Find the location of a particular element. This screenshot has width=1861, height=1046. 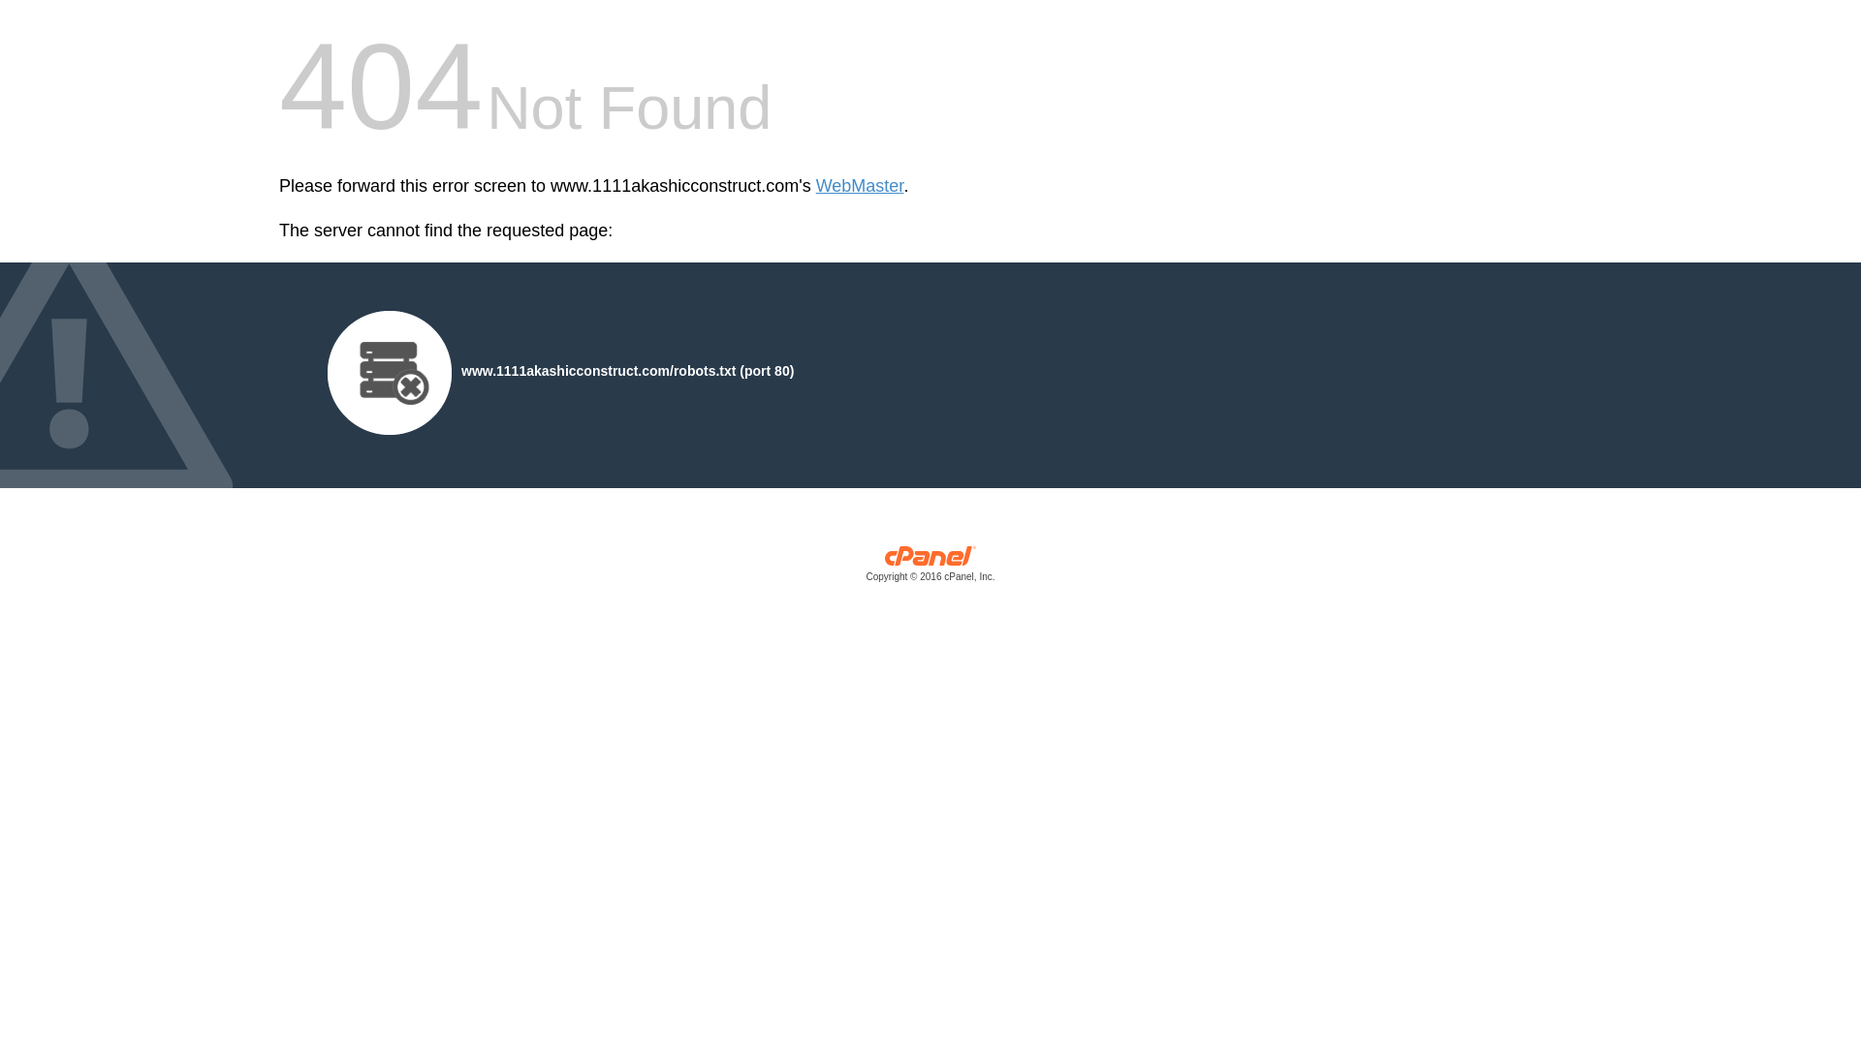

'WebMaster' is located at coordinates (859, 186).